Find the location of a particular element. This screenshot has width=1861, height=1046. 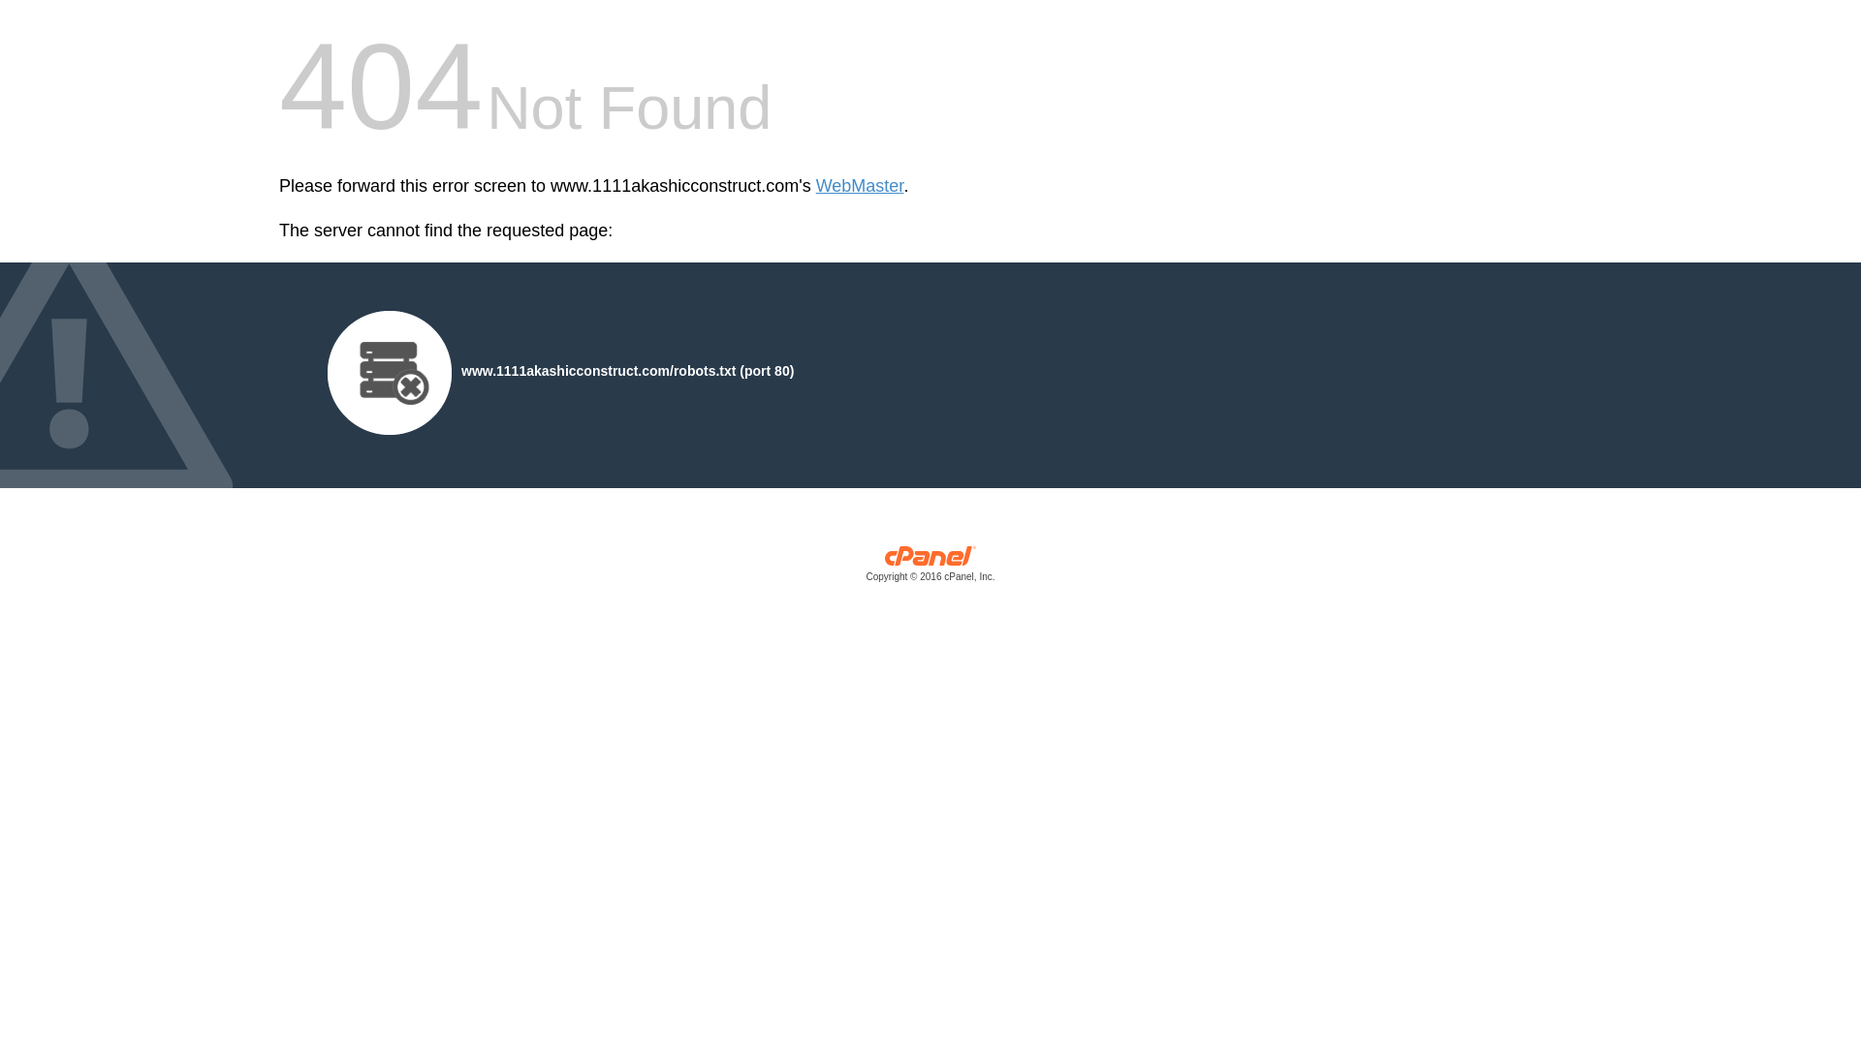

'WebMaster' is located at coordinates (859, 186).